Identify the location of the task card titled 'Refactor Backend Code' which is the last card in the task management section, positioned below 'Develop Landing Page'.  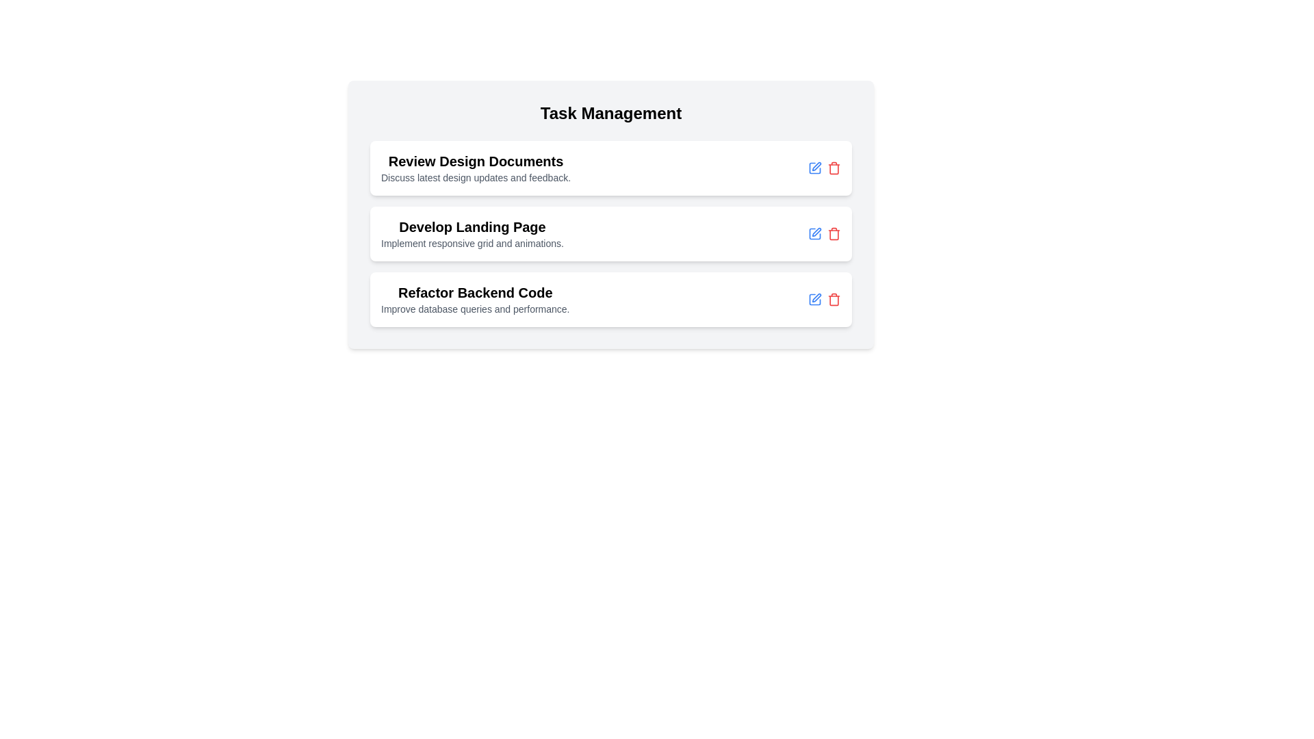
(610, 299).